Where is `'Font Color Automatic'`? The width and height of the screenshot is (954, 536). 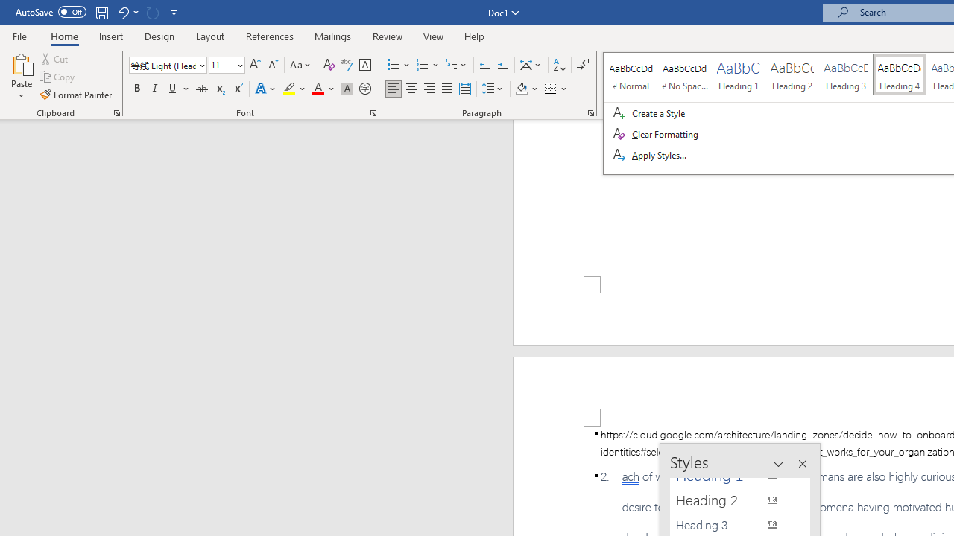
'Font Color Automatic' is located at coordinates (317, 89).